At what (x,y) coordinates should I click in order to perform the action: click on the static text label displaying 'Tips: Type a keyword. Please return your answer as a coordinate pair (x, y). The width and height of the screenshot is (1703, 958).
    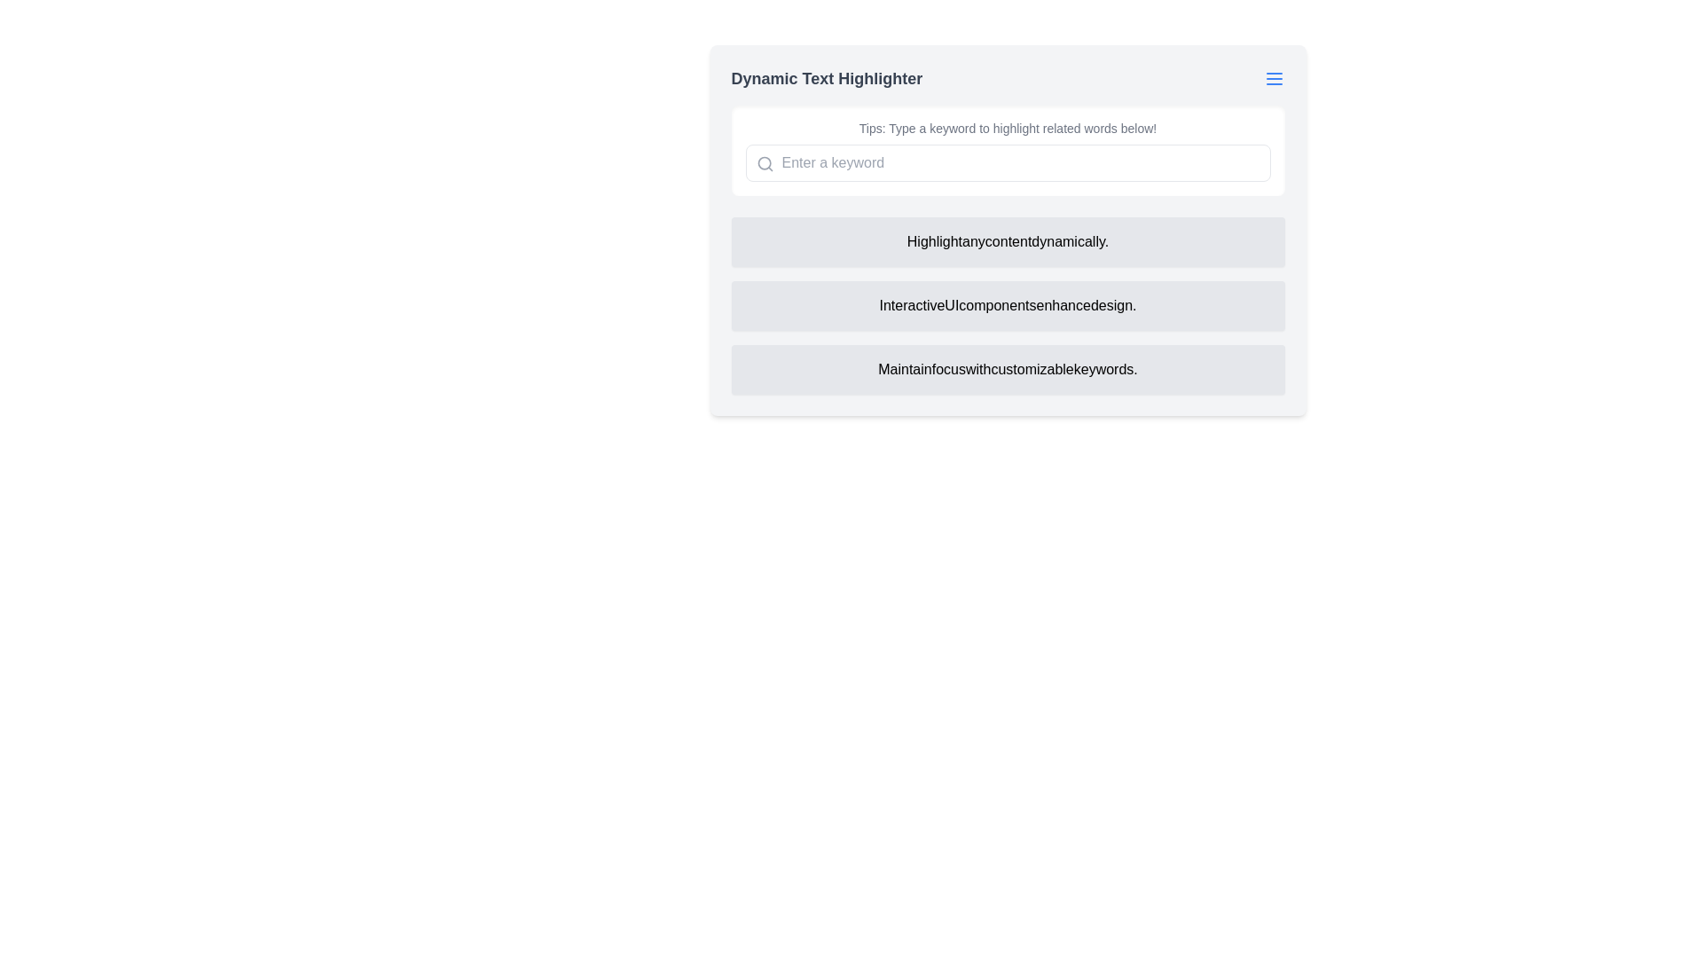
    Looking at the image, I should click on (1008, 128).